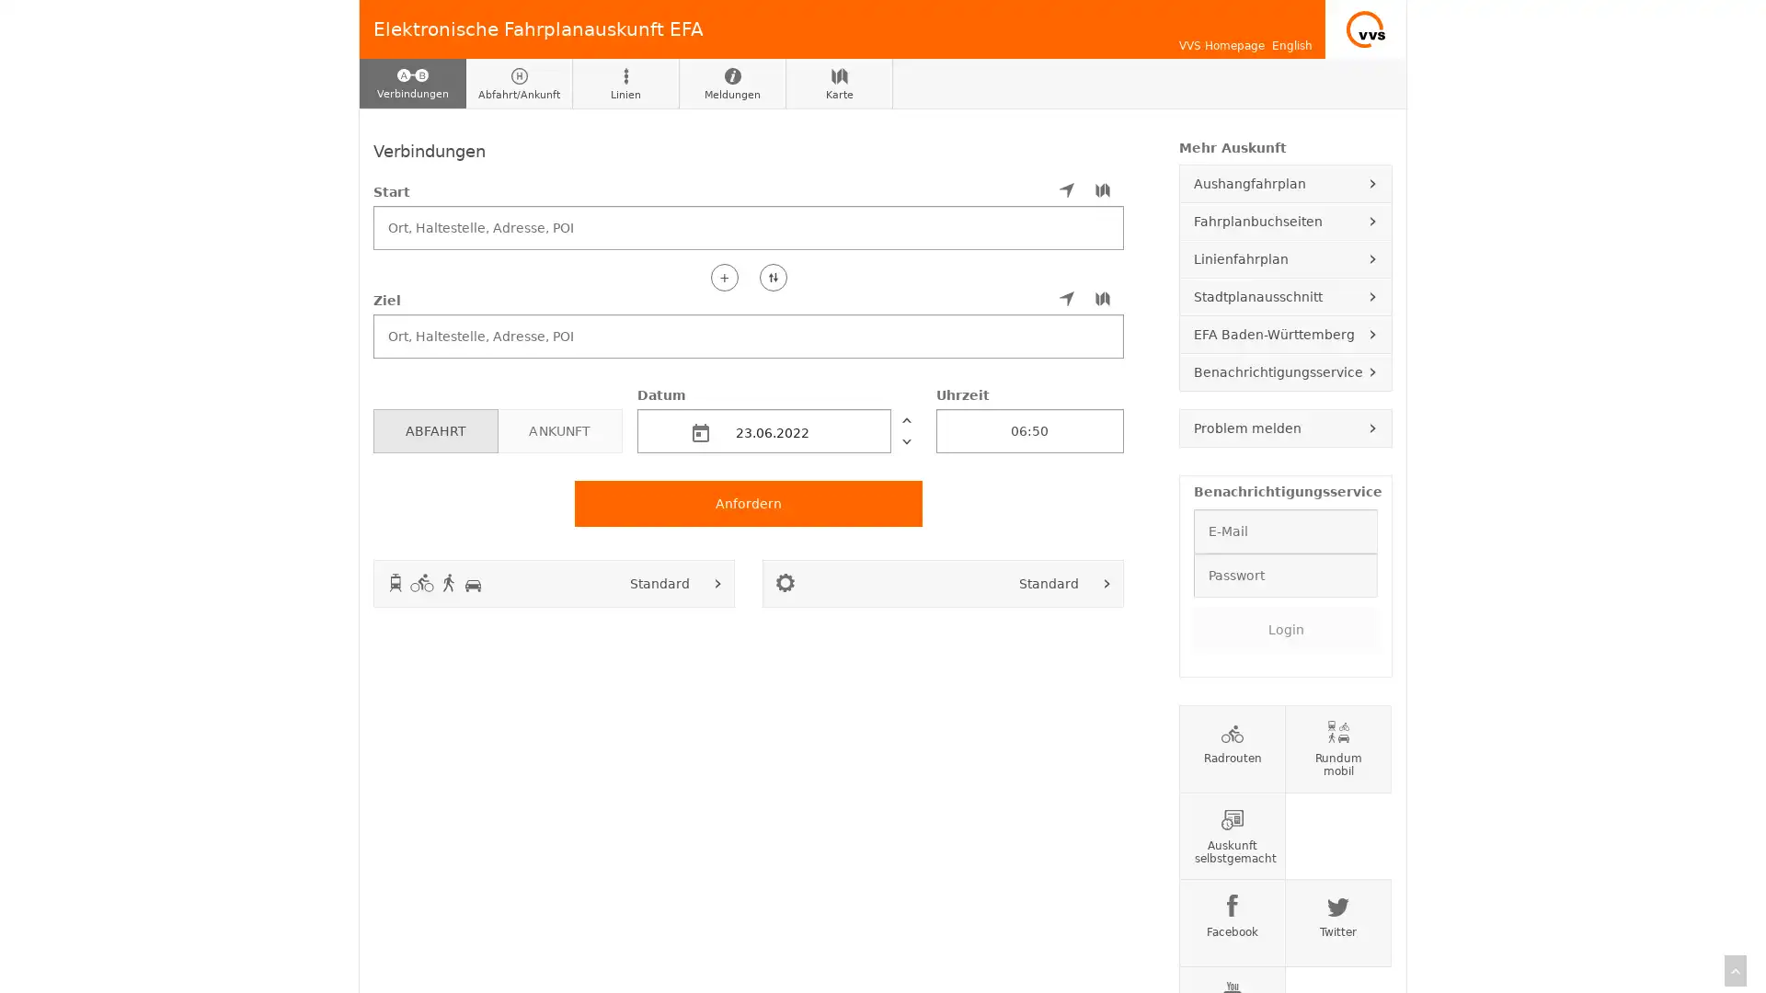  What do you see at coordinates (749, 503) in the screenshot?
I see `Anfordern` at bounding box center [749, 503].